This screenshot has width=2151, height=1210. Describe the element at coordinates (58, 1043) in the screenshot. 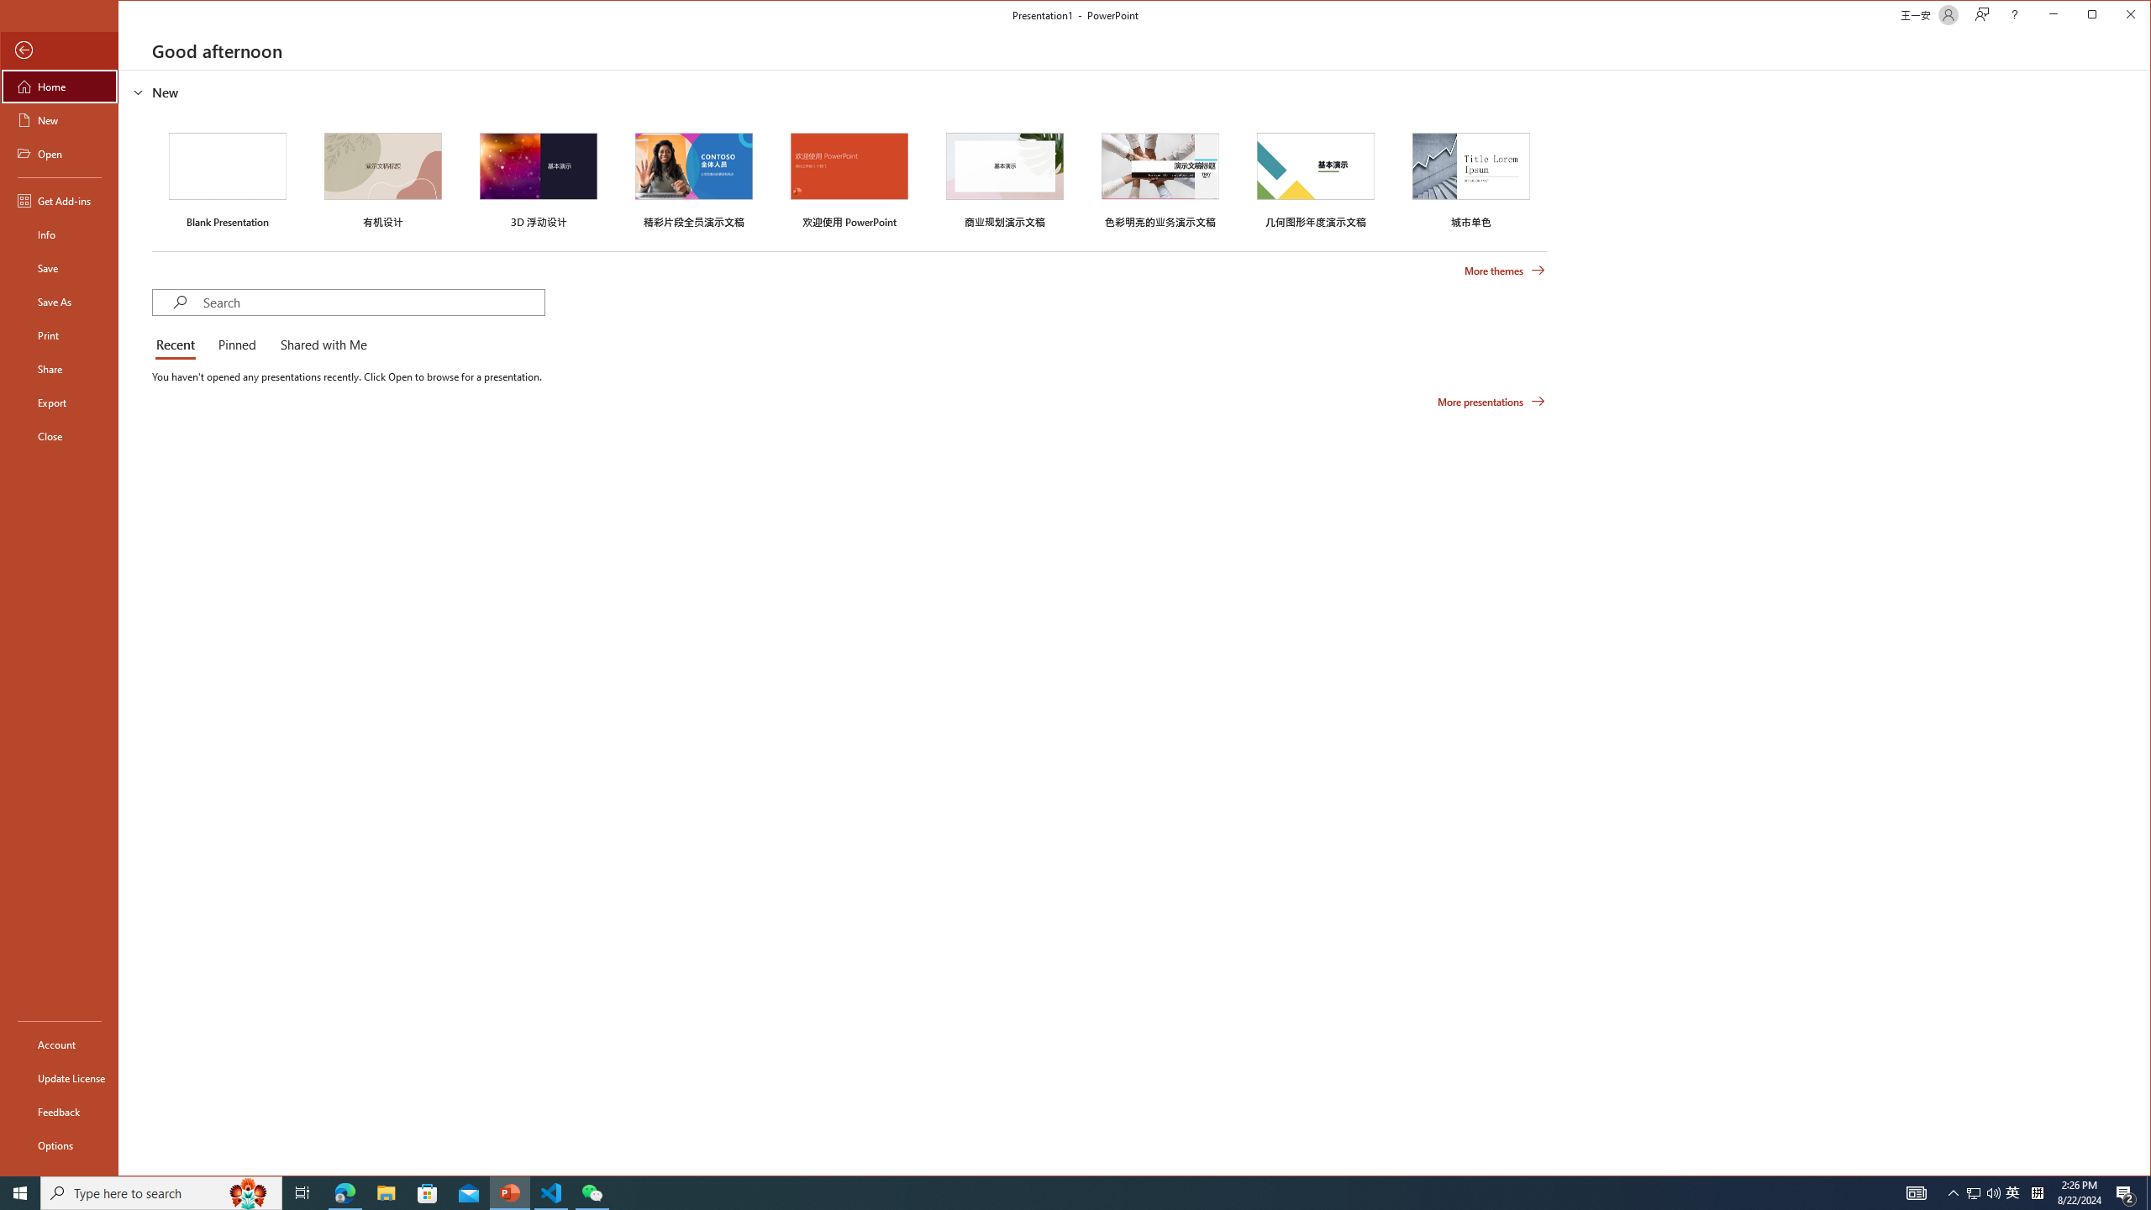

I see `'Account'` at that location.